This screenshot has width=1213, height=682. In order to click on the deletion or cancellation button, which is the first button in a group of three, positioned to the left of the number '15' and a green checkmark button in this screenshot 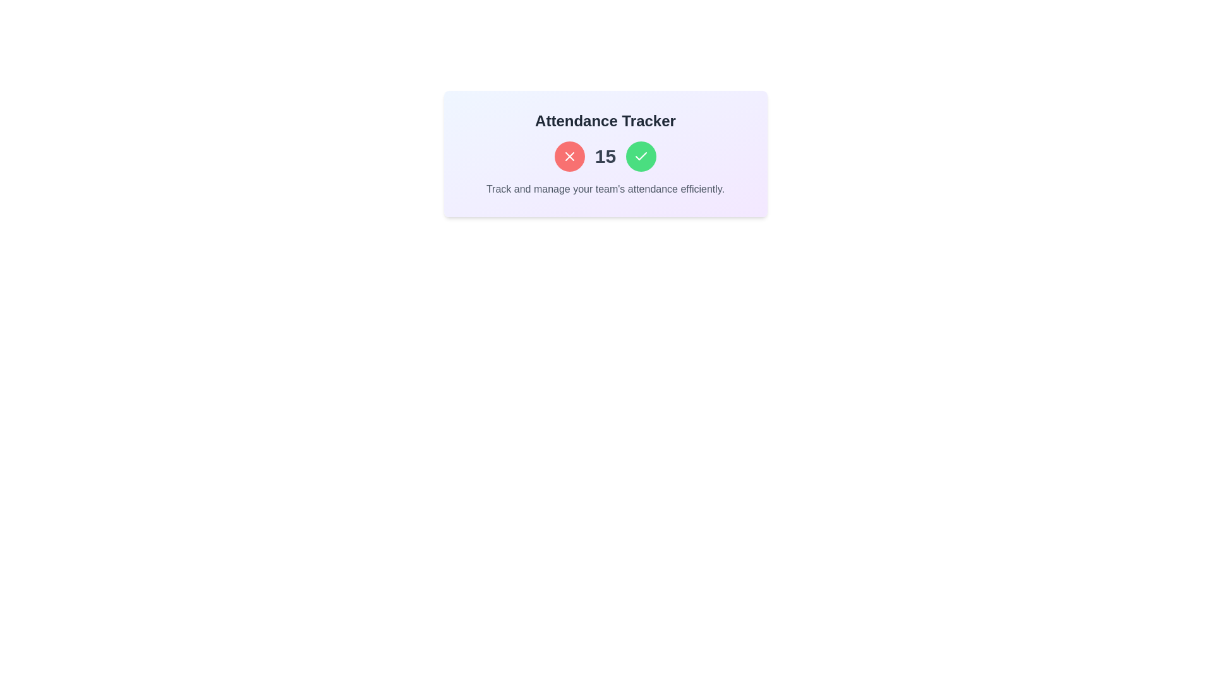, I will do `click(569, 155)`.